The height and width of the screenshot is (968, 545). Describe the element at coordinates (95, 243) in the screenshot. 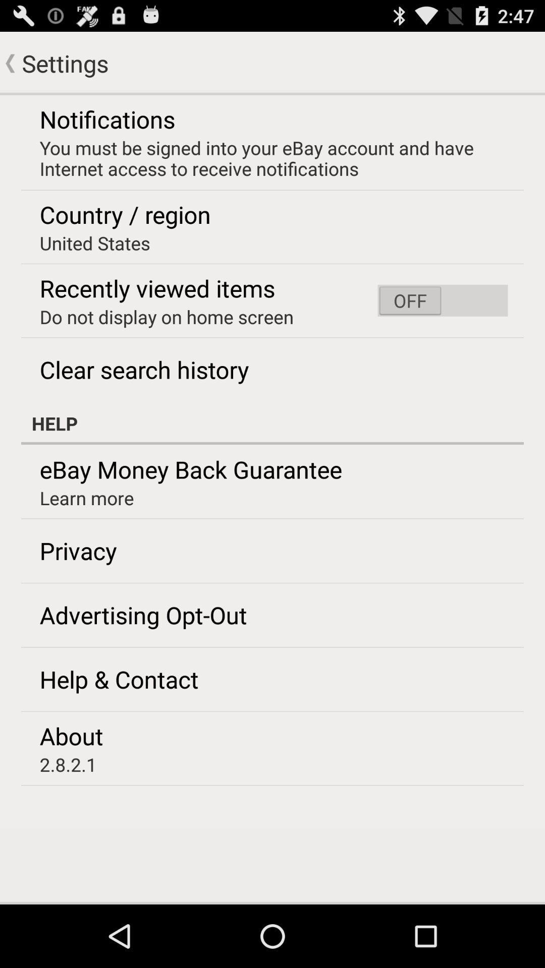

I see `the icon below country / region app` at that location.